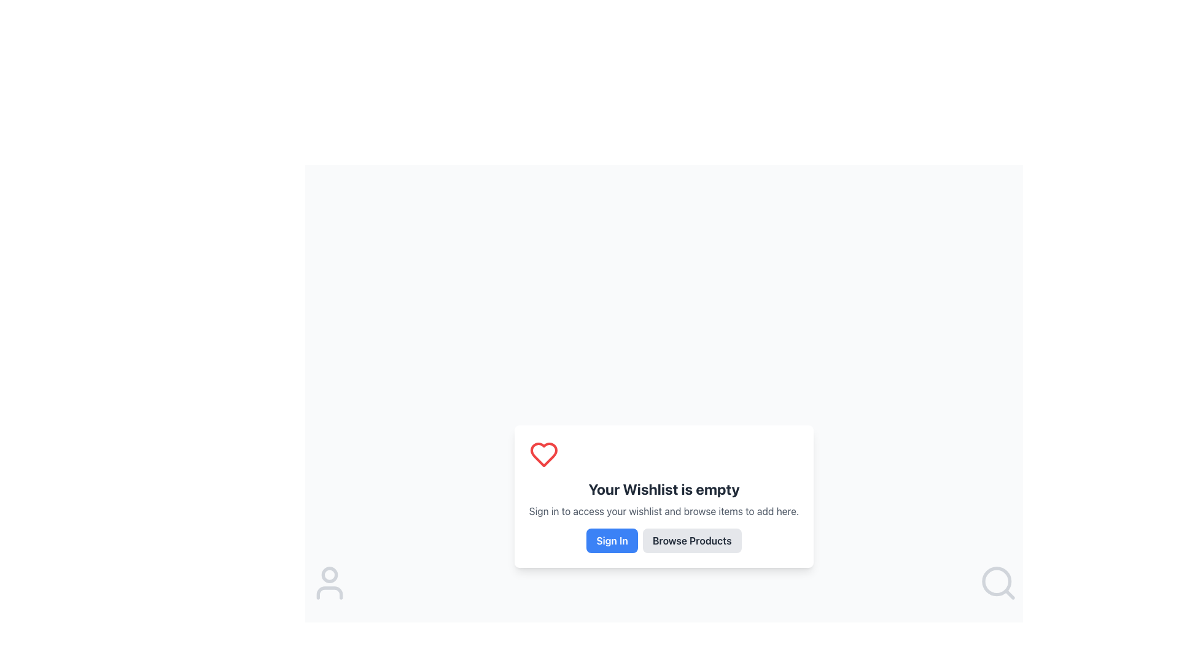 The width and height of the screenshot is (1179, 663). I want to click on the circular vector graphic element that is part of the user profile icon, located near the bottom-left corner of the interface, so click(330, 575).